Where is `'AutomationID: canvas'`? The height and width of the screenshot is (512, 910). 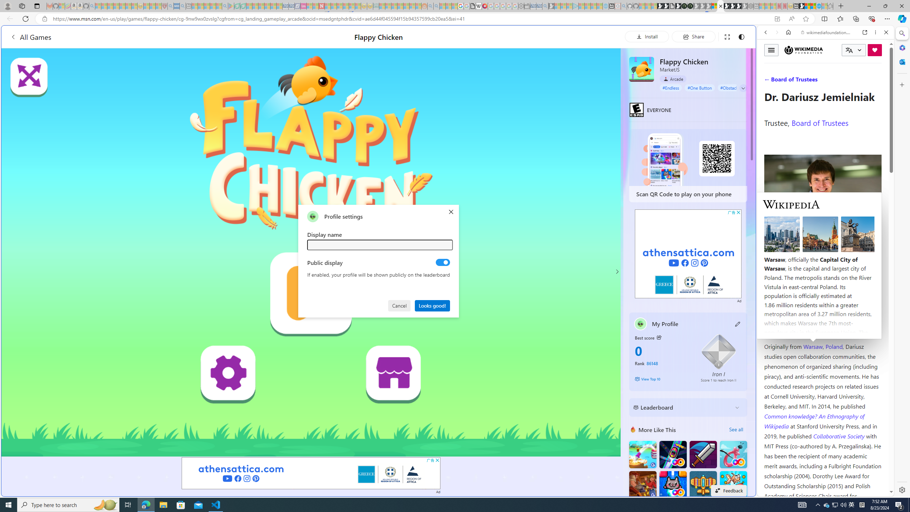 'AutomationID: canvas' is located at coordinates (311, 252).